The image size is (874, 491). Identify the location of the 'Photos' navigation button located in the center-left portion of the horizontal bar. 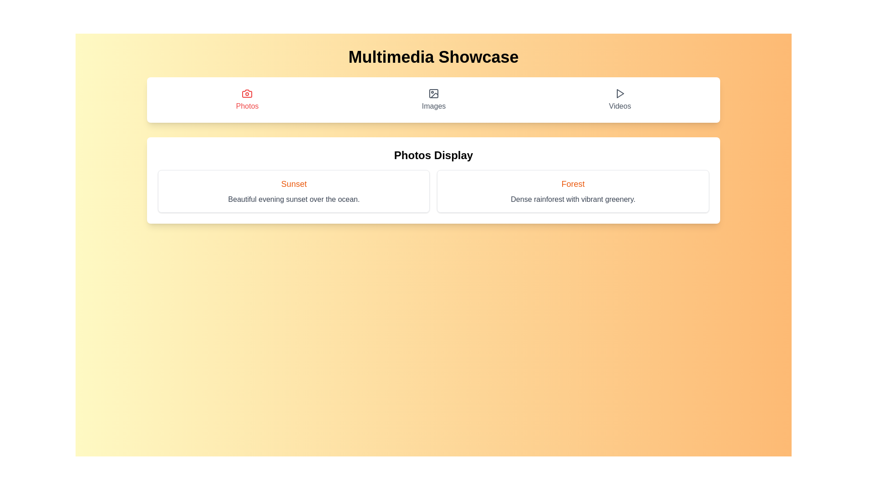
(247, 100).